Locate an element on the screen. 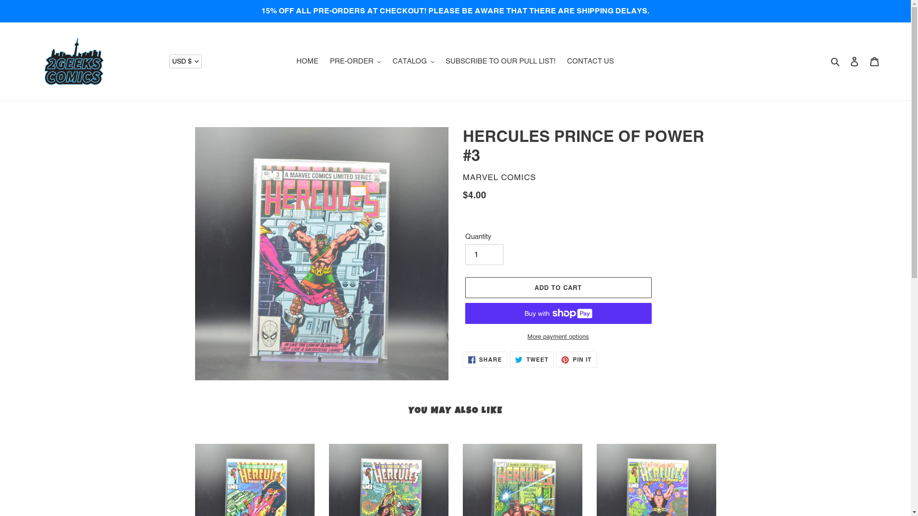  'Cart' is located at coordinates (874, 61).